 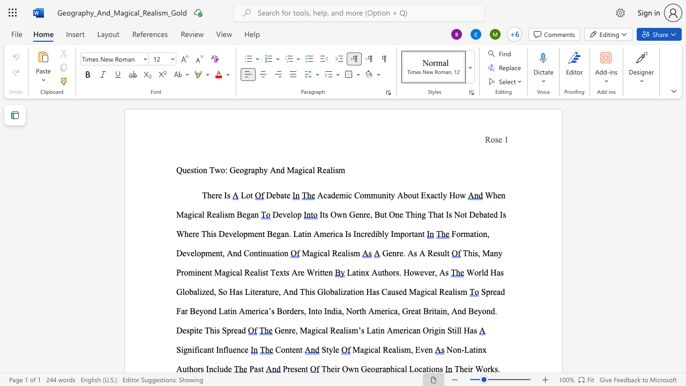 I want to click on the space between the continuous character "A" and "s" in the text, so click(x=412, y=253).